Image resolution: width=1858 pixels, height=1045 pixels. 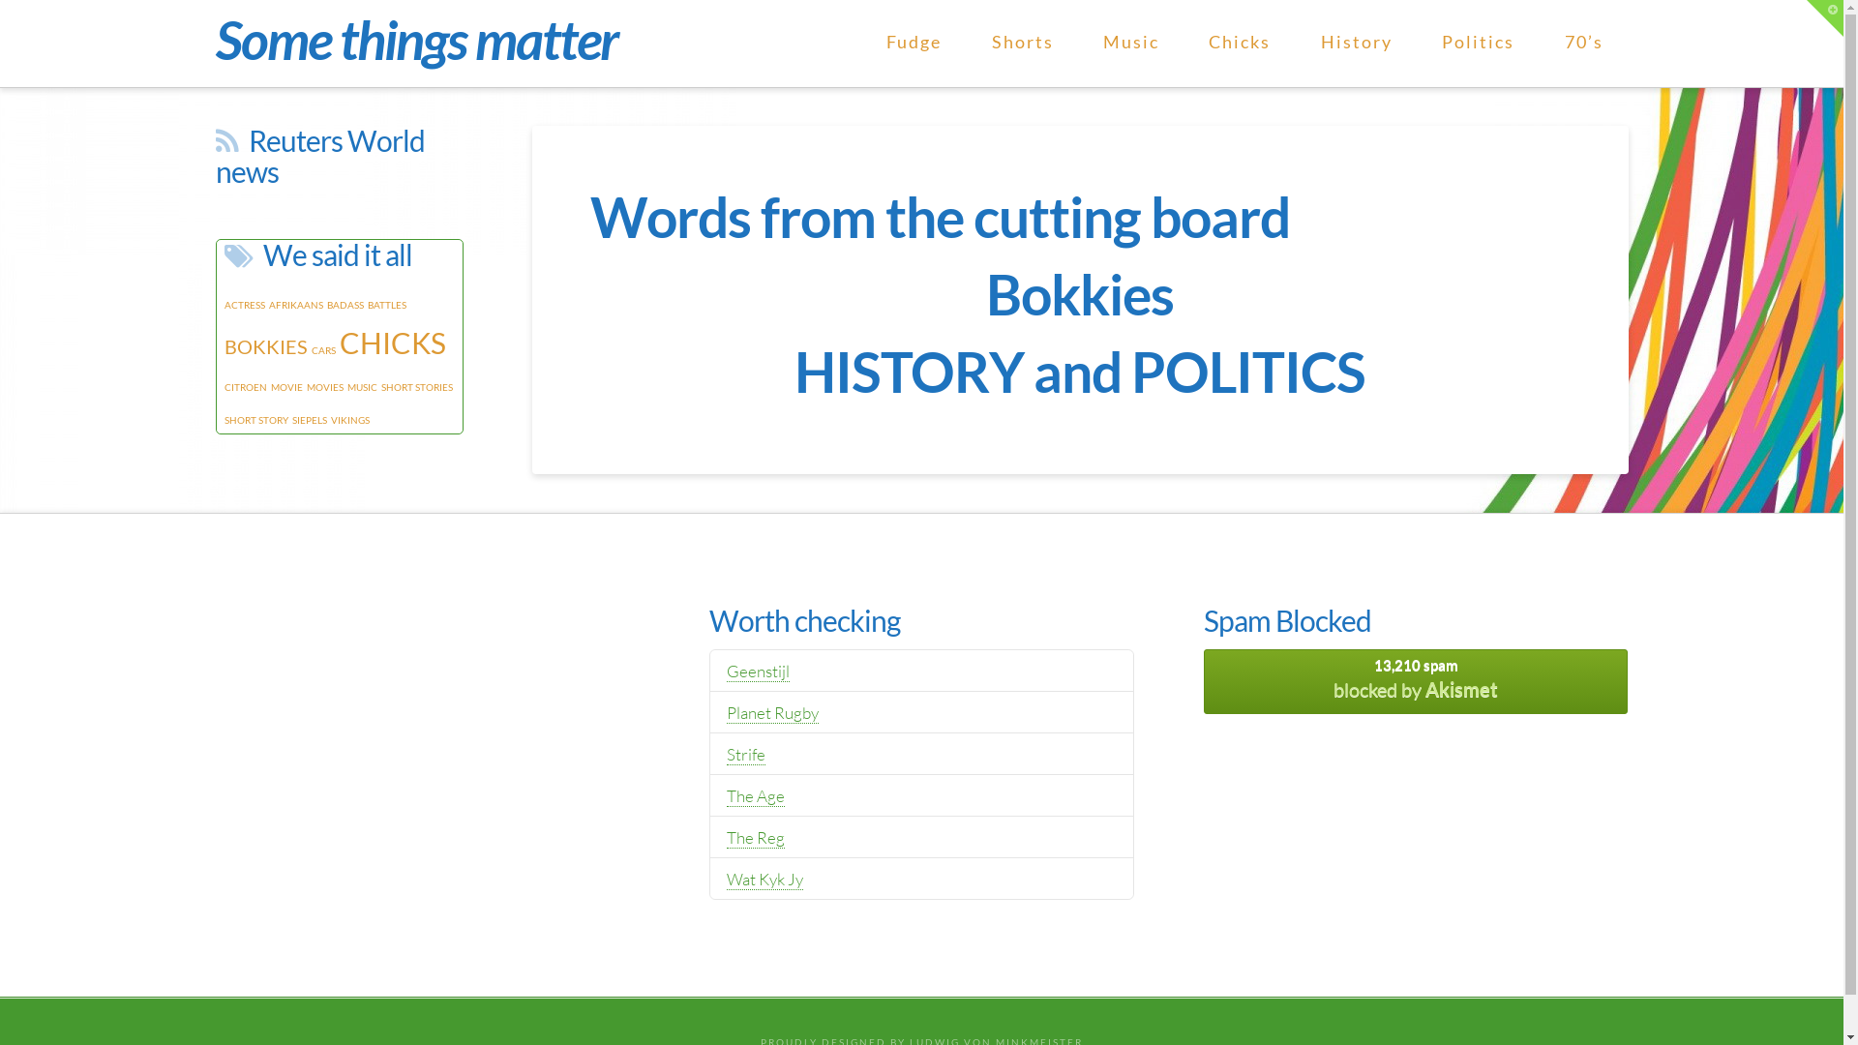 What do you see at coordinates (764, 880) in the screenshot?
I see `'Wat Kyk Jy'` at bounding box center [764, 880].